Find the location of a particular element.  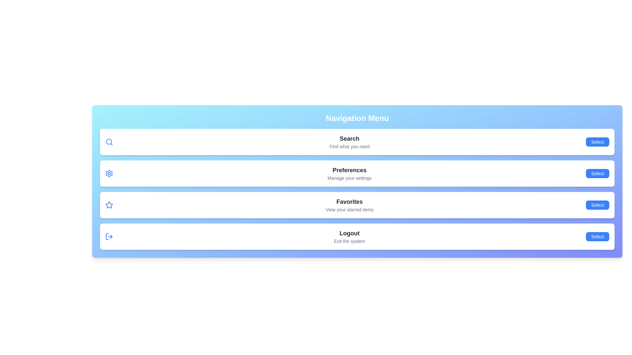

the navigation item Logout is located at coordinates (597, 237).